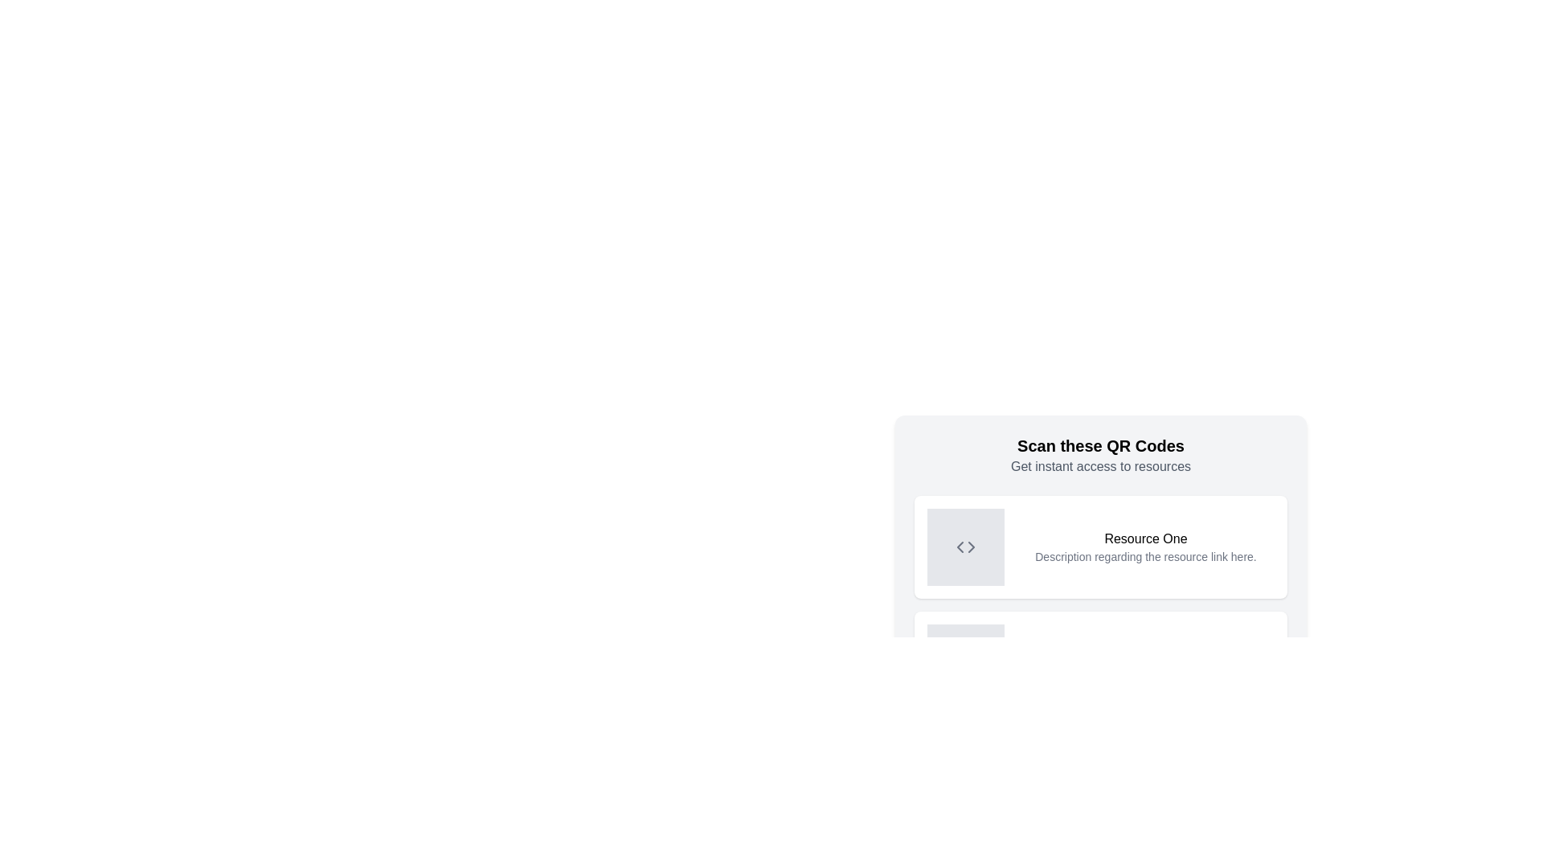 This screenshot has height=868, width=1543. Describe the element at coordinates (1099, 604) in the screenshot. I see `the Information display section that introduces 'Resource One', located within the card titled 'Scan these QR Codes', positioned below 'Get instant access to resources' and above 'Resource Two'` at that location.